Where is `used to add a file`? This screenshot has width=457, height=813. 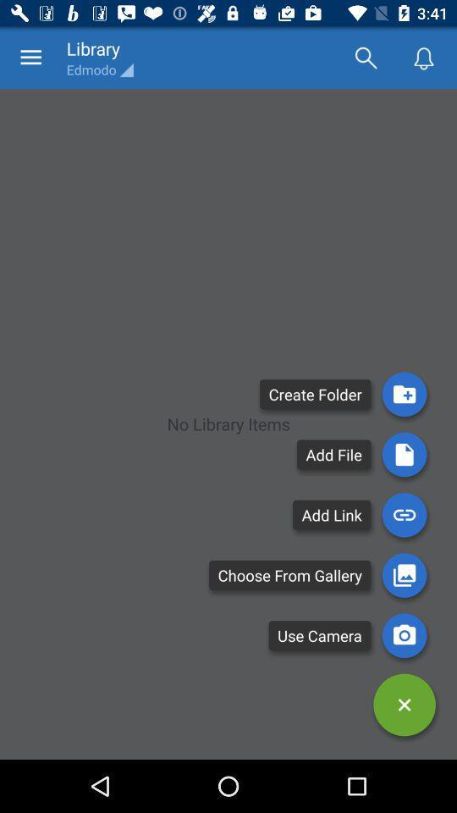
used to add a file is located at coordinates (404, 454).